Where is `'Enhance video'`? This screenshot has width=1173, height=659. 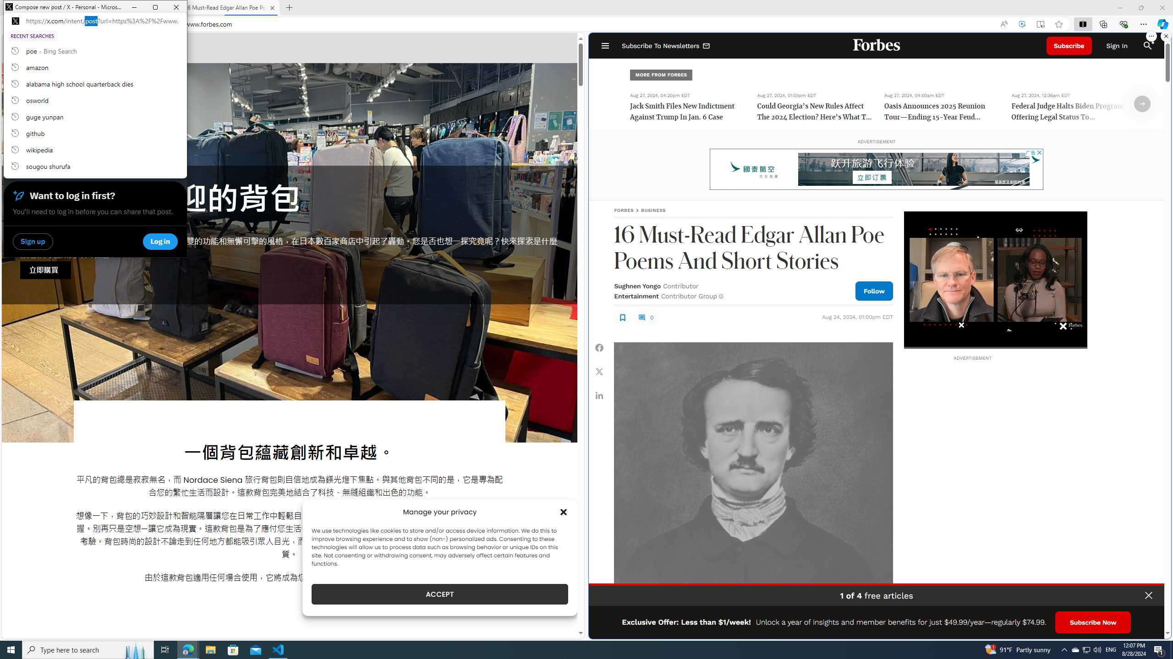 'Enhance video' is located at coordinates (1022, 24).